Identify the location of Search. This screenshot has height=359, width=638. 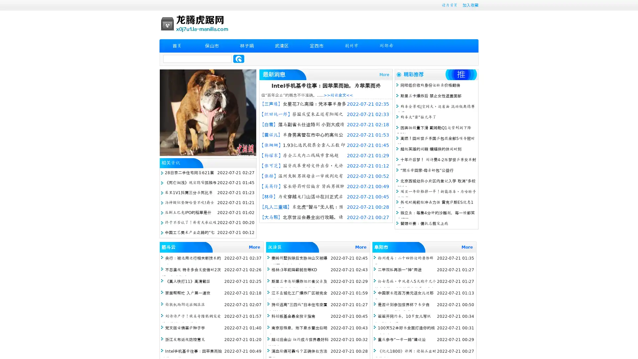
(239, 59).